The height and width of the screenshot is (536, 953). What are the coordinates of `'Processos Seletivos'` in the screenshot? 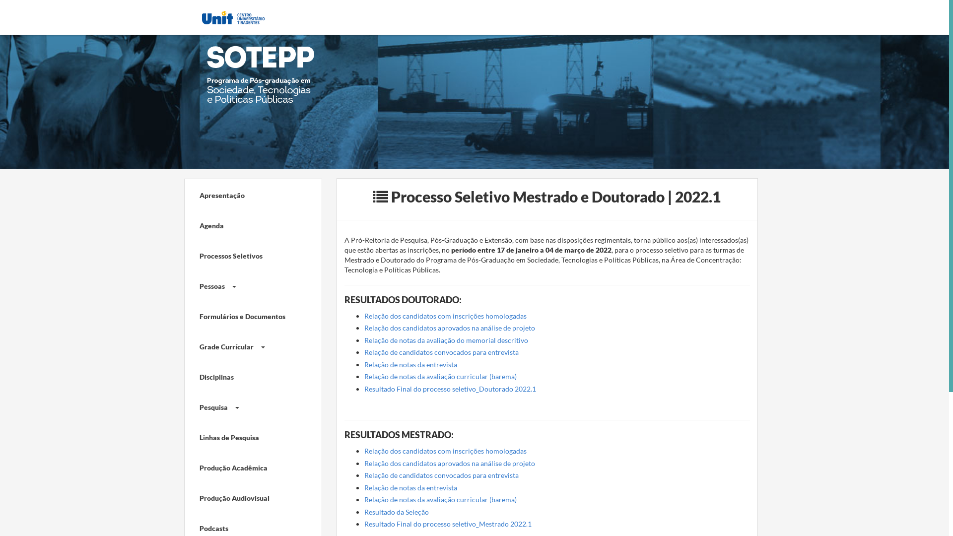 It's located at (245, 254).